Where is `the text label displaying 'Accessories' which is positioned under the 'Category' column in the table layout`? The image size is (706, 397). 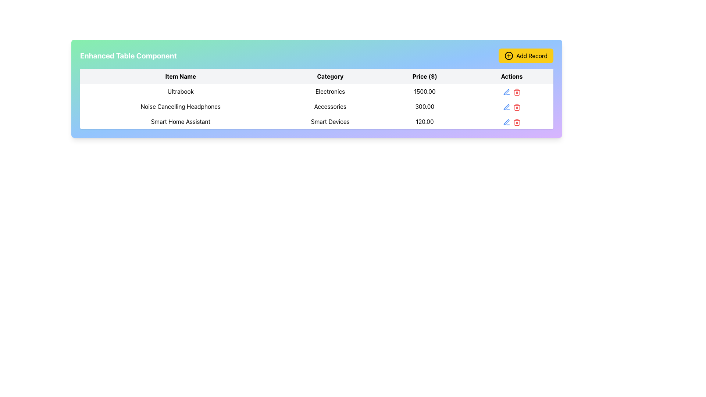
the text label displaying 'Accessories' which is positioned under the 'Category' column in the table layout is located at coordinates (330, 106).